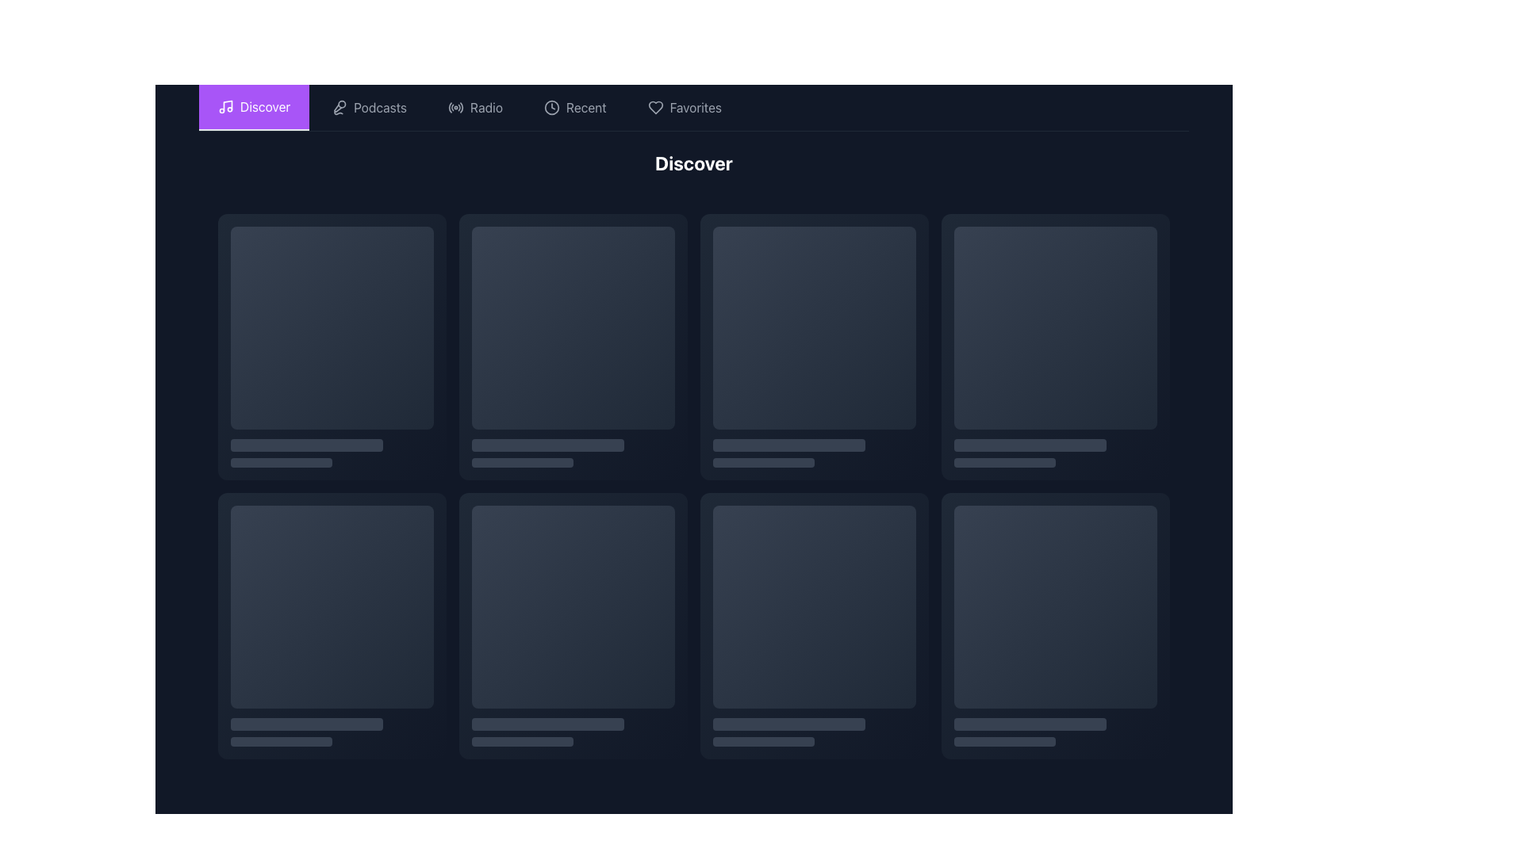 The image size is (1523, 856). I want to click on the navigational content selection card located in the first row and fourth column of the grid, so click(1055, 346).